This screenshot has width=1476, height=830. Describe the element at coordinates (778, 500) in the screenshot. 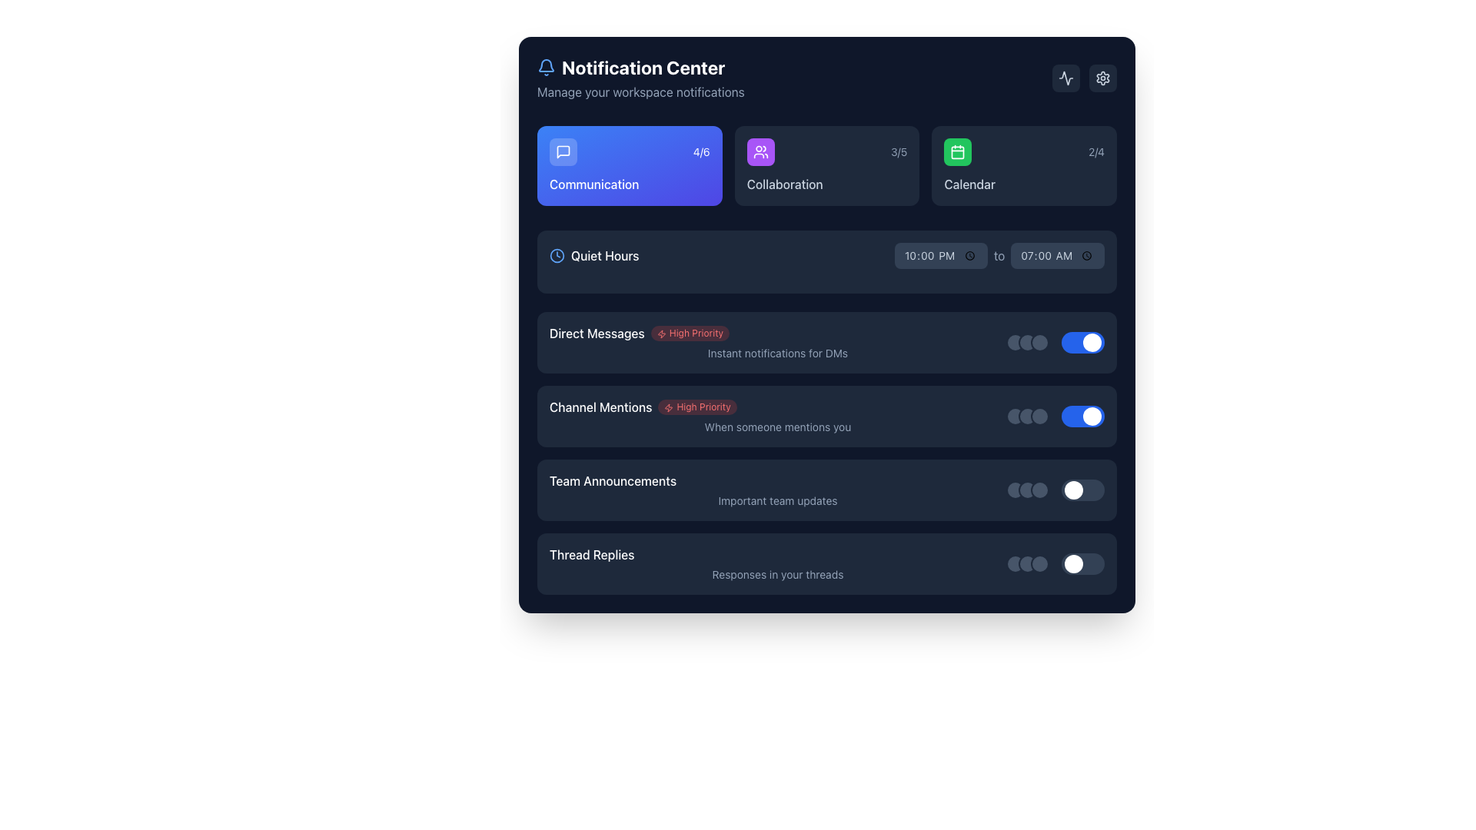

I see `the descriptive label element reading 'Important team updates', styled in light slate coloring, located below the 'Team Announcements' heading` at that location.